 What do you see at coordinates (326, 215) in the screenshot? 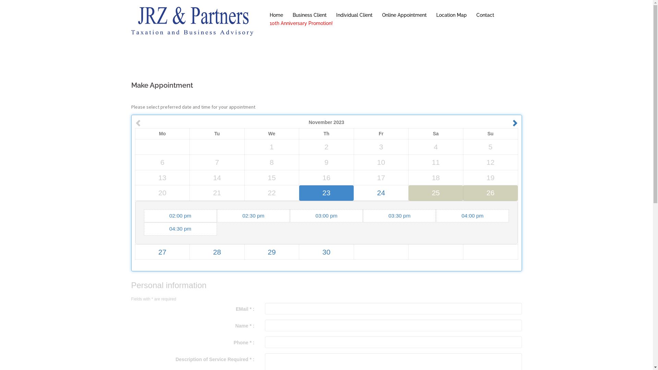
I see `'03:00 pm'` at bounding box center [326, 215].